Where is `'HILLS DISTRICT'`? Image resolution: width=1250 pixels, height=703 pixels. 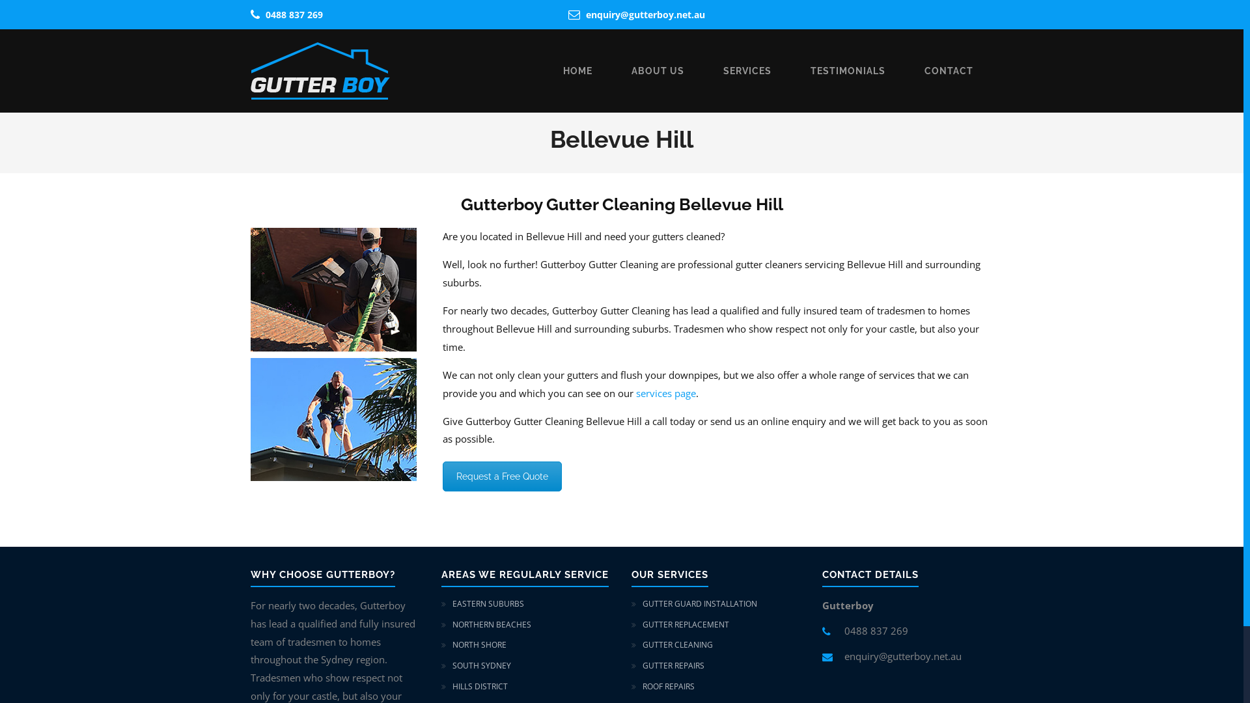
'HILLS DISTRICT' is located at coordinates (479, 685).